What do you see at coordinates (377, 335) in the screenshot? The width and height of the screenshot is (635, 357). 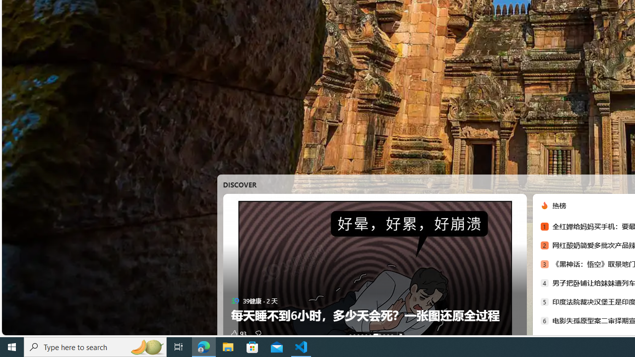 I see `'AutomationID: tab-6'` at bounding box center [377, 335].